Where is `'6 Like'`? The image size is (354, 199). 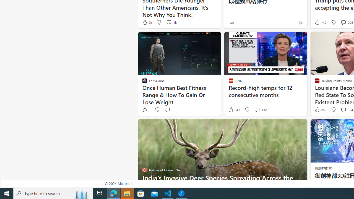
'6 Like' is located at coordinates (146, 110).